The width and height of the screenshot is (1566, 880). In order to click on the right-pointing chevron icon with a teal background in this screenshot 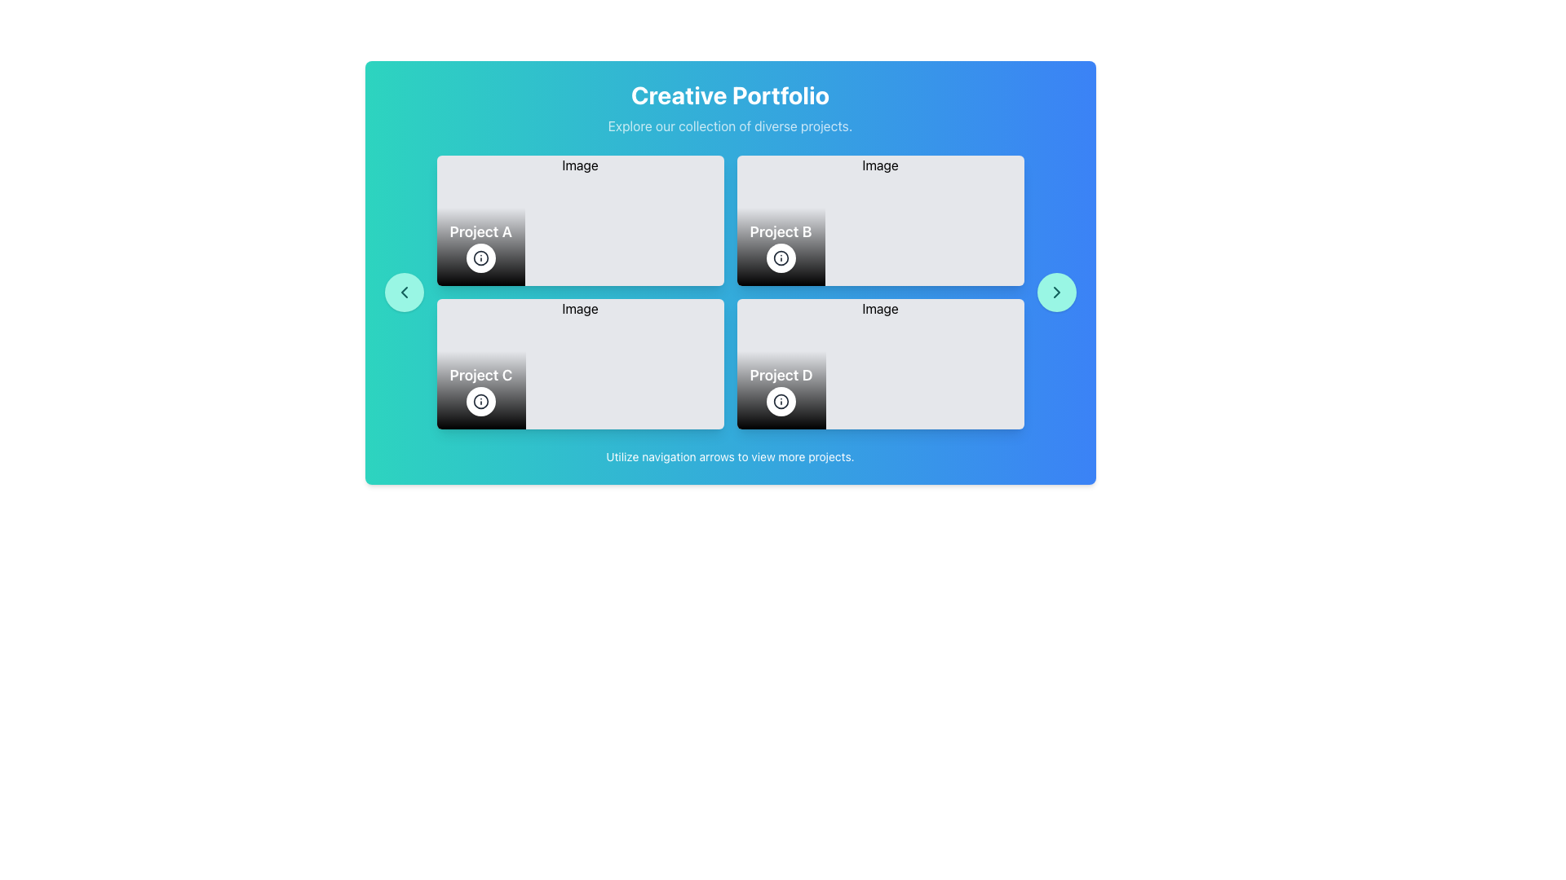, I will do `click(1056, 291)`.